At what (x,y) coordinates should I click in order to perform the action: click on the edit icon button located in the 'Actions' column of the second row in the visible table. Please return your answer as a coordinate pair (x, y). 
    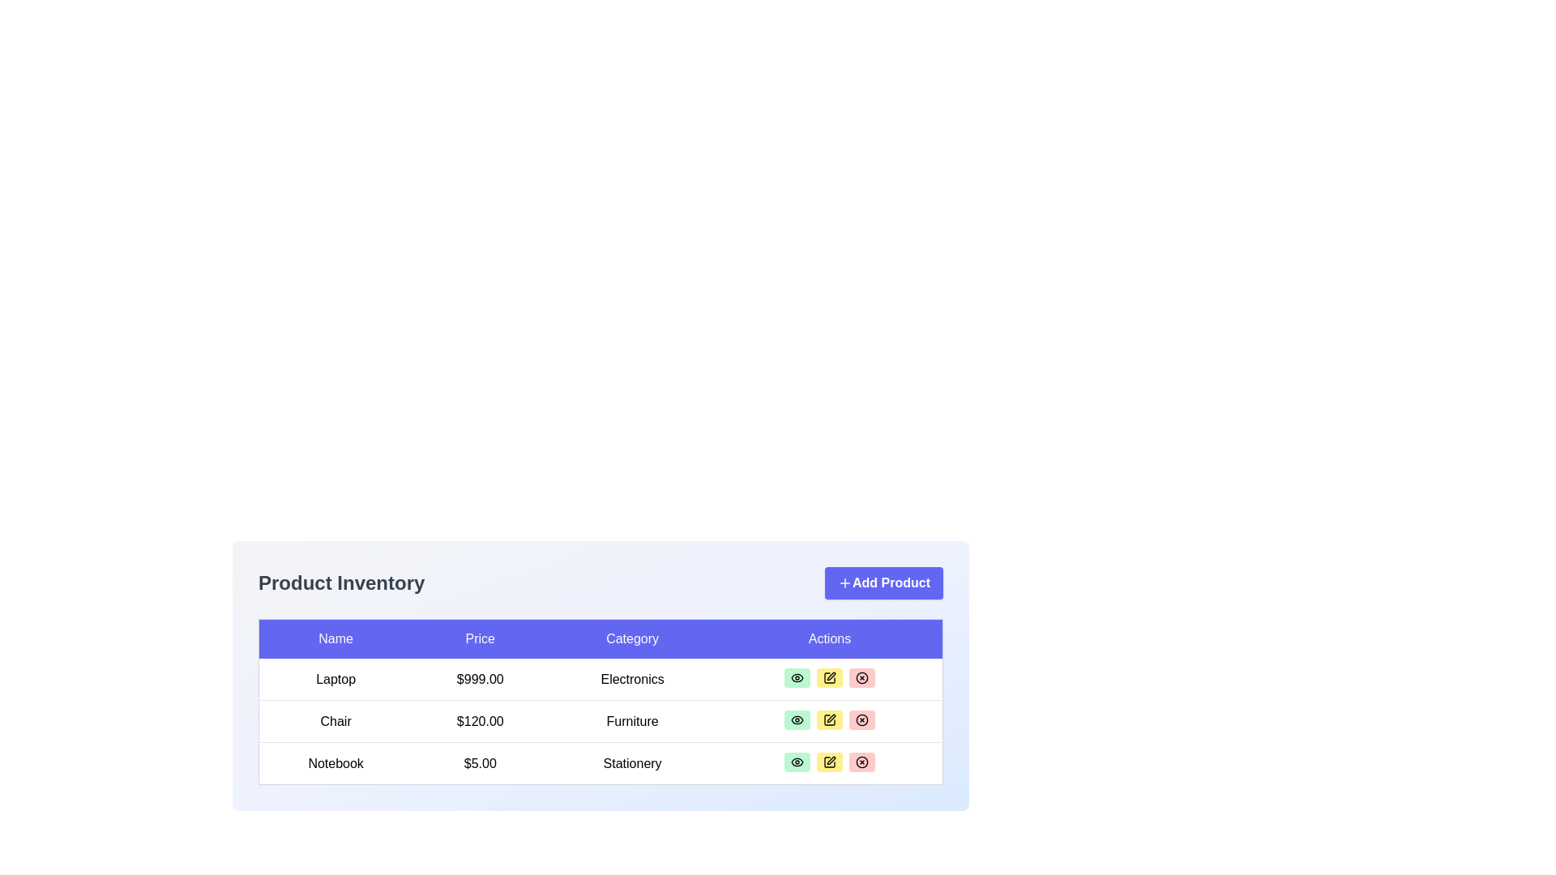
    Looking at the image, I should click on (829, 719).